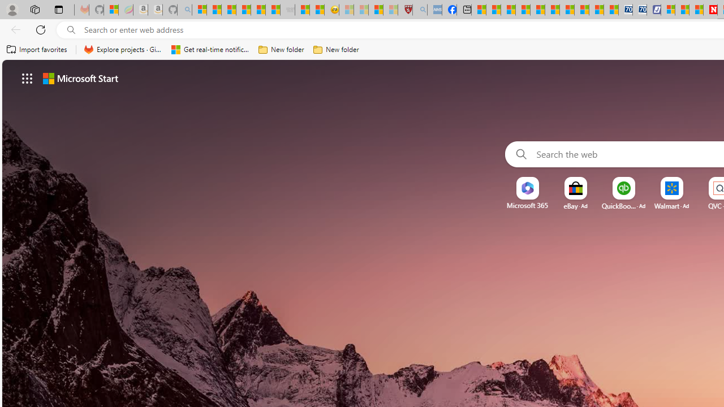  Describe the element at coordinates (335, 49) in the screenshot. I see `'New folder'` at that location.